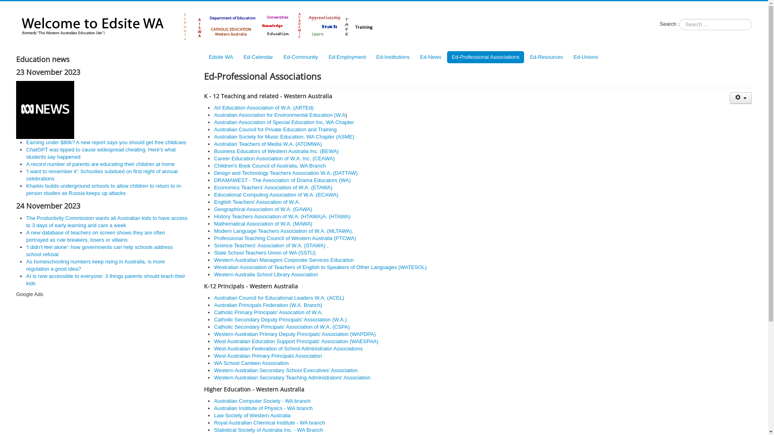  Describe the element at coordinates (546, 57) in the screenshot. I see `'Ed-Resources'` at that location.